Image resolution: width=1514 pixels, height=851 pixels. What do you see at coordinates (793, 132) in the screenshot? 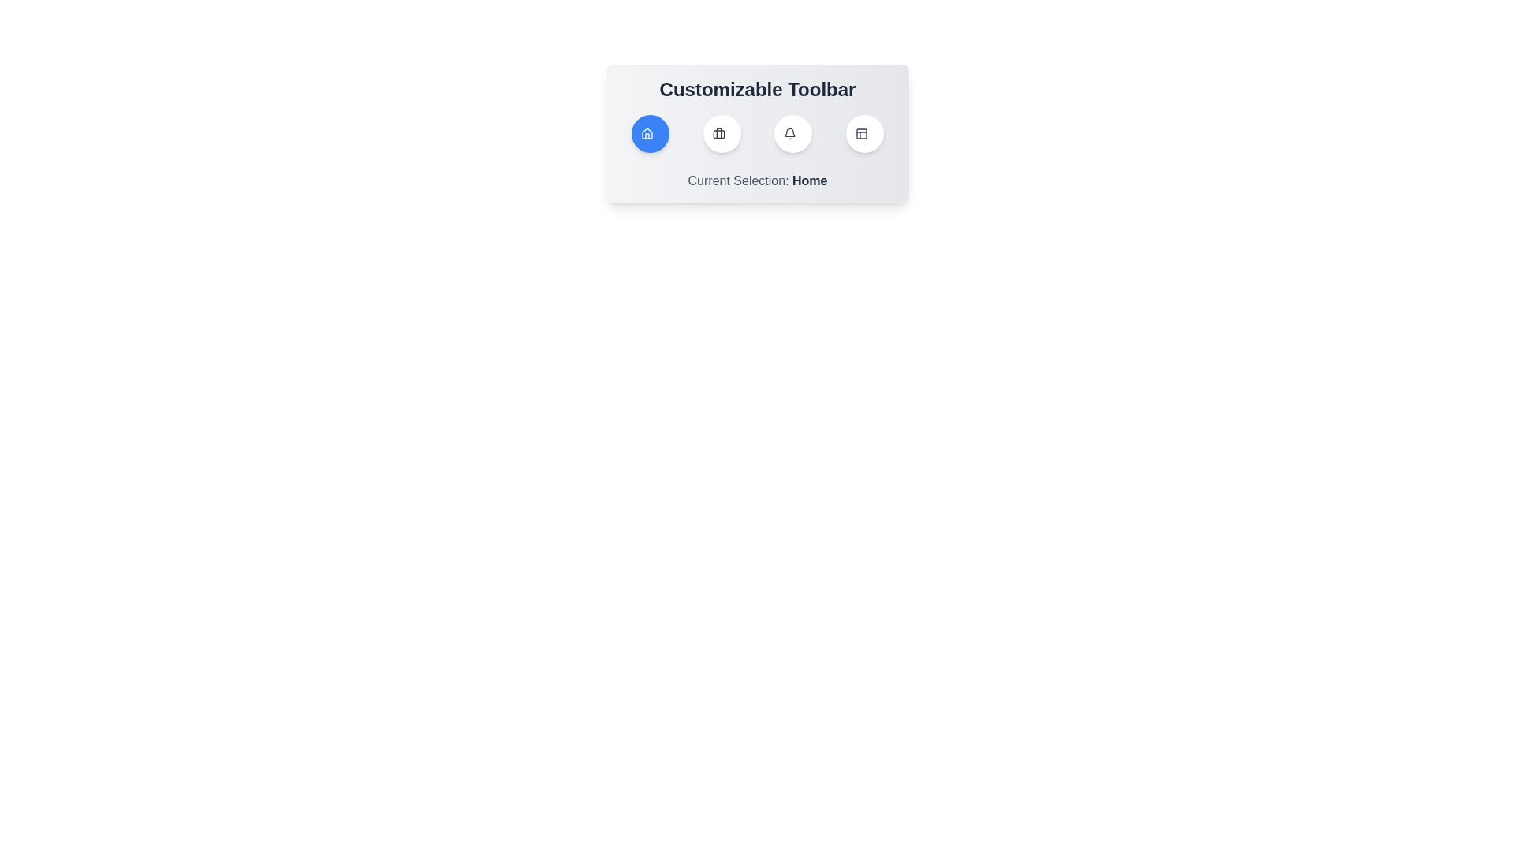
I see `the notification toggle button with a bell icon located in the toolbar` at bounding box center [793, 132].